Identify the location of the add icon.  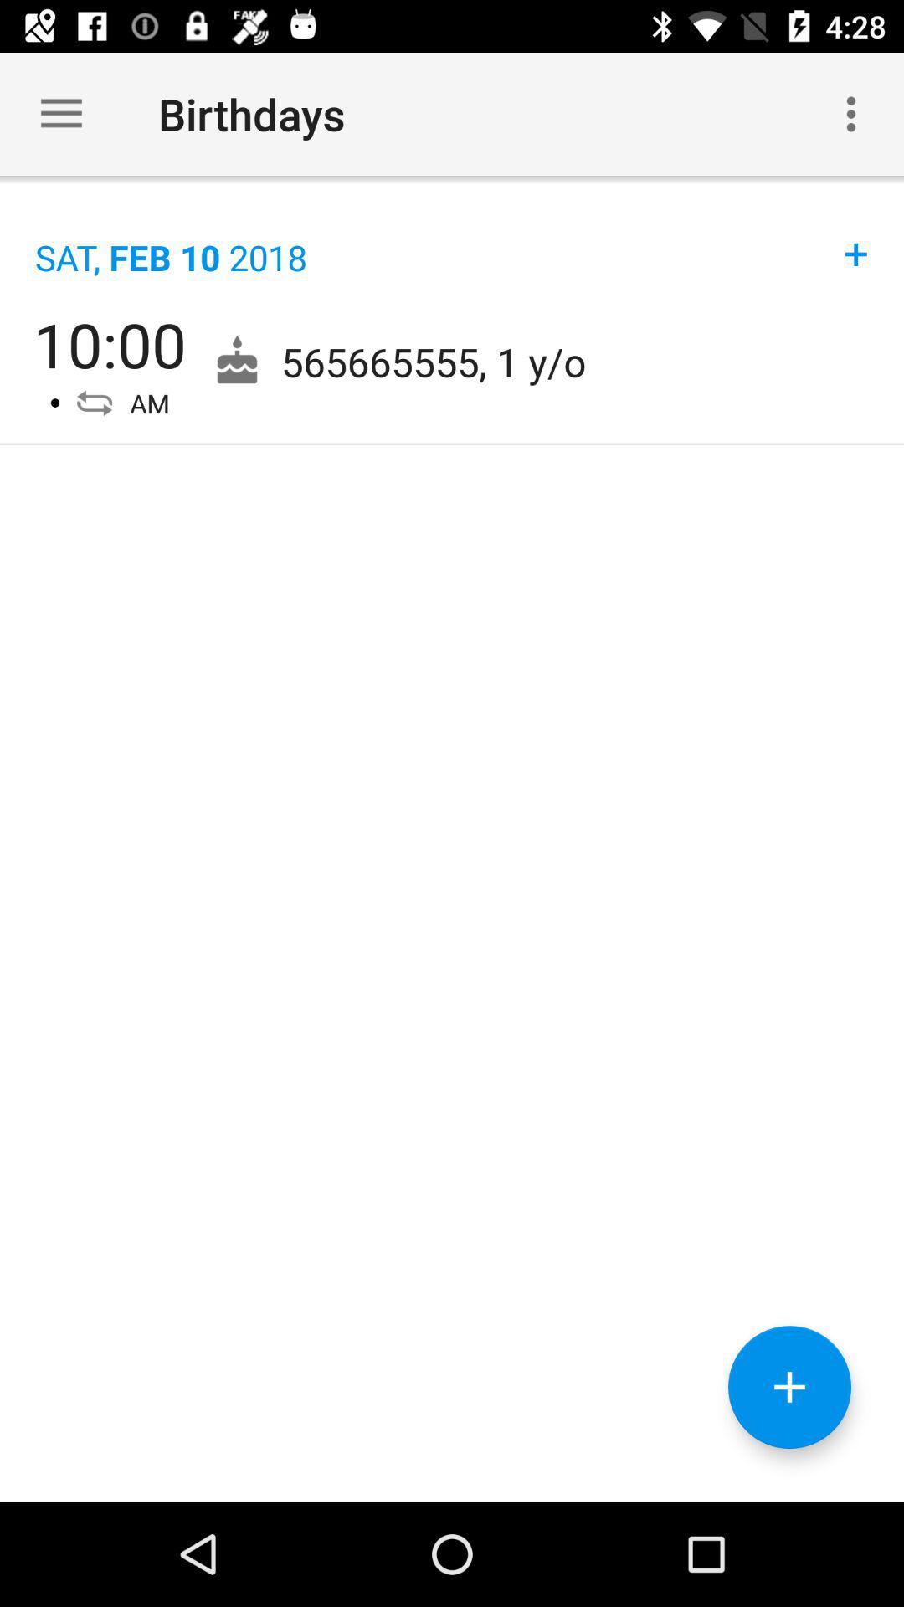
(789, 1387).